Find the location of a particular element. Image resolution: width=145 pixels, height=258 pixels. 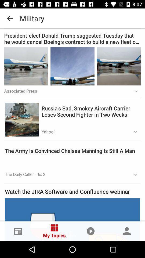

the image is in the middle is located at coordinates (73, 66).